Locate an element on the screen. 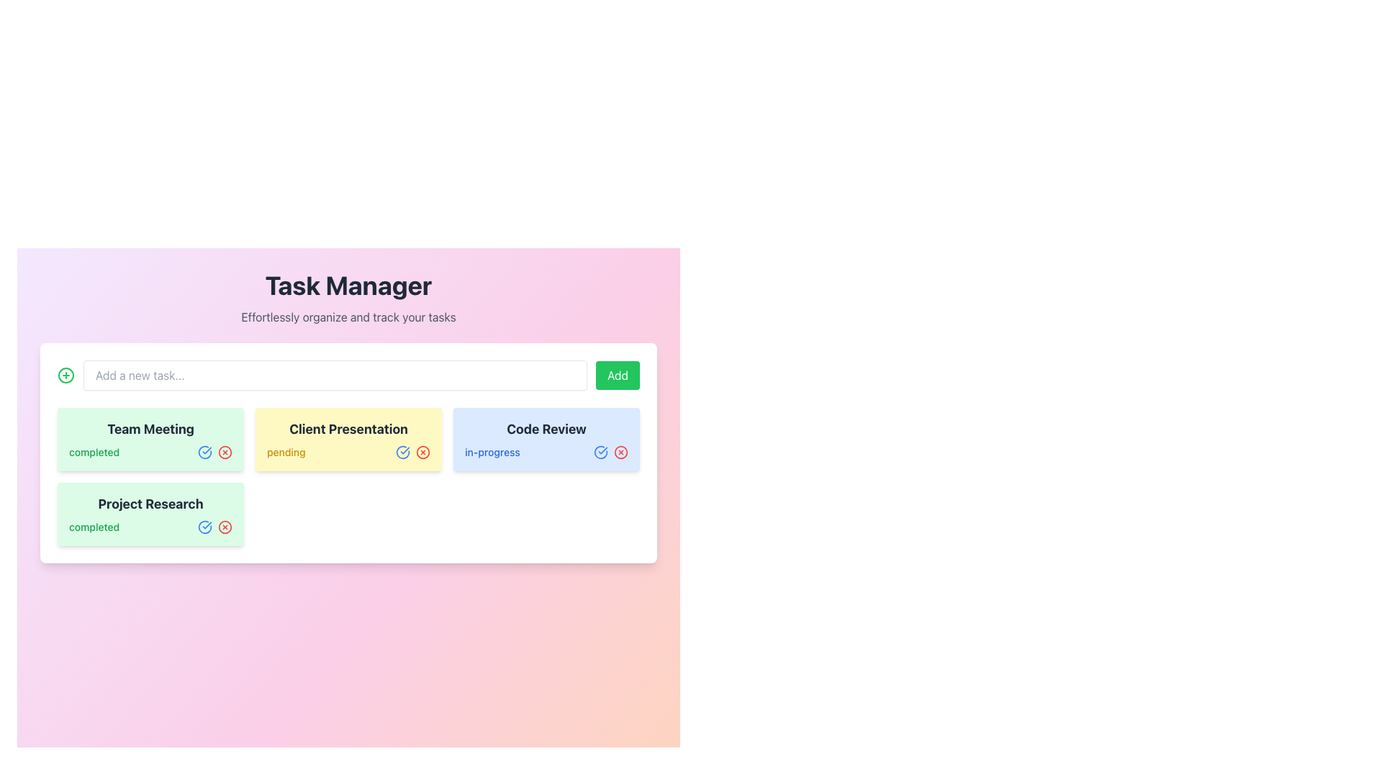 The image size is (1382, 777). the green circular icon with a plus sign, positioned to the left of the text input field for adding a new task is located at coordinates (65, 374).